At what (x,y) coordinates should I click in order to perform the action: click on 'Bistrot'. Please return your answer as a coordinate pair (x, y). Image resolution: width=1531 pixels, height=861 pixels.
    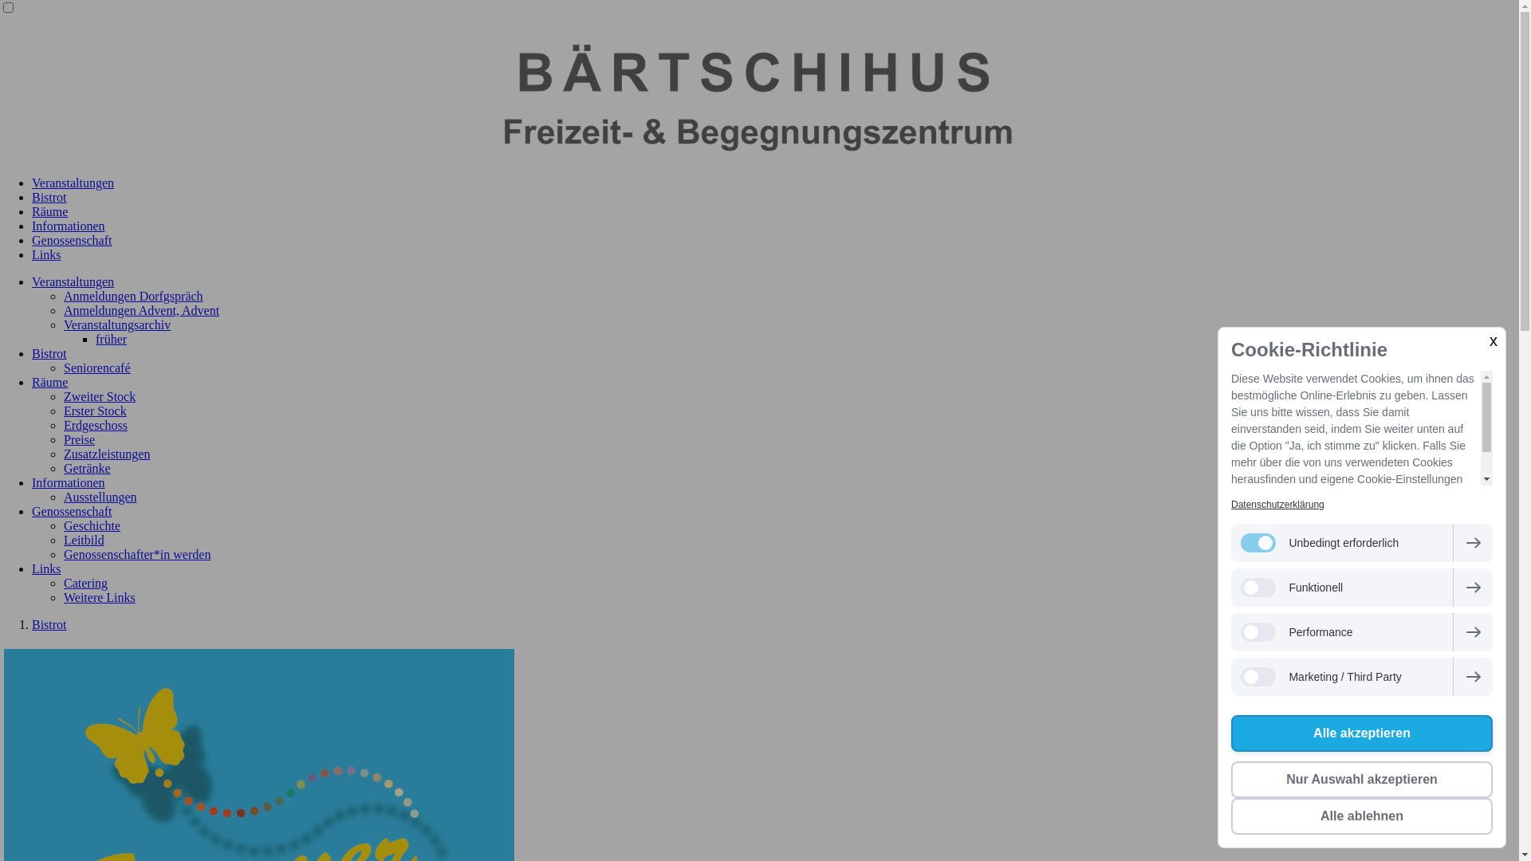
    Looking at the image, I should click on (49, 352).